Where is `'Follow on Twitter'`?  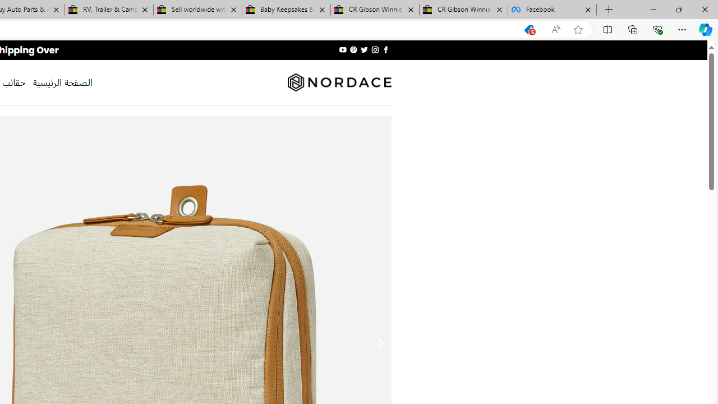
'Follow on Twitter' is located at coordinates (363, 49).